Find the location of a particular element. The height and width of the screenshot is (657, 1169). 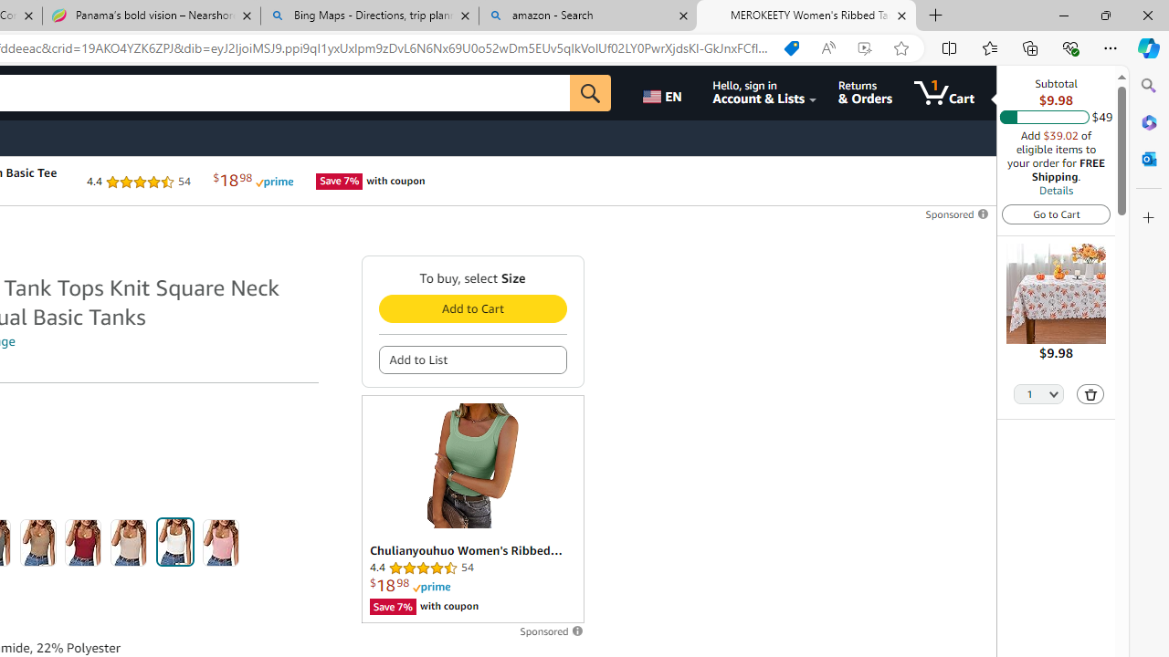

'White' is located at coordinates (174, 541).